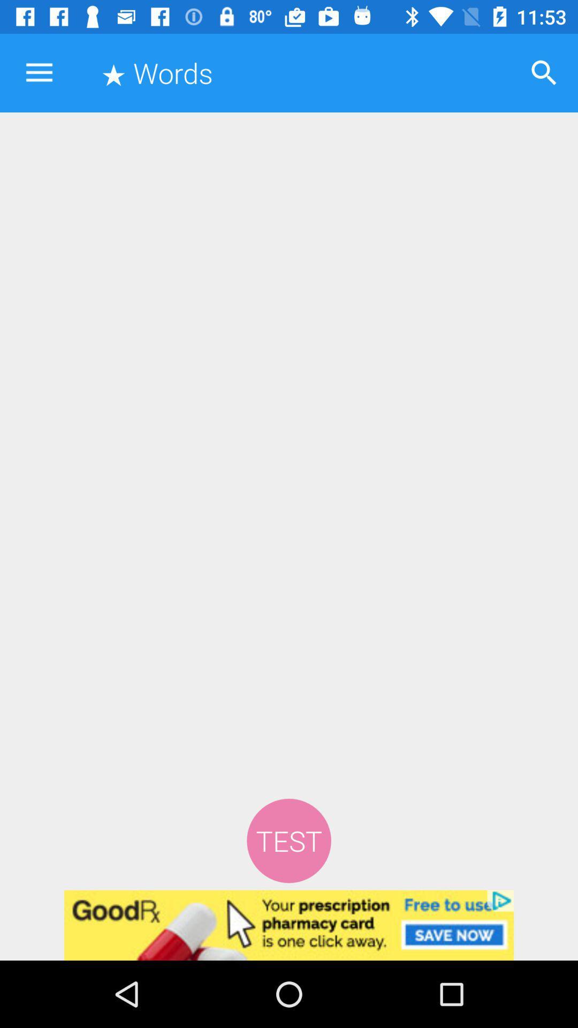  I want to click on clicks the advertisement, so click(289, 925).